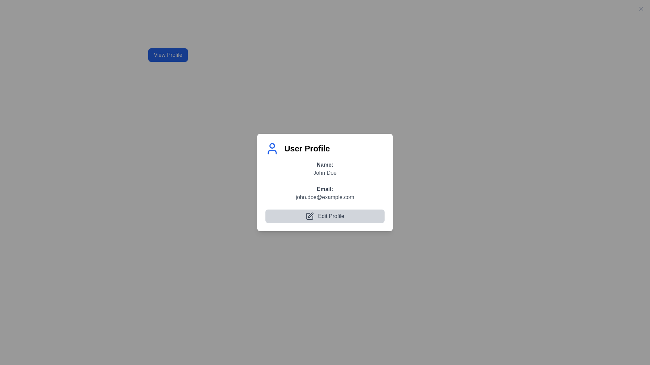 This screenshot has width=650, height=365. What do you see at coordinates (641, 9) in the screenshot?
I see `the close button located at the top-right corner of the modal` at bounding box center [641, 9].